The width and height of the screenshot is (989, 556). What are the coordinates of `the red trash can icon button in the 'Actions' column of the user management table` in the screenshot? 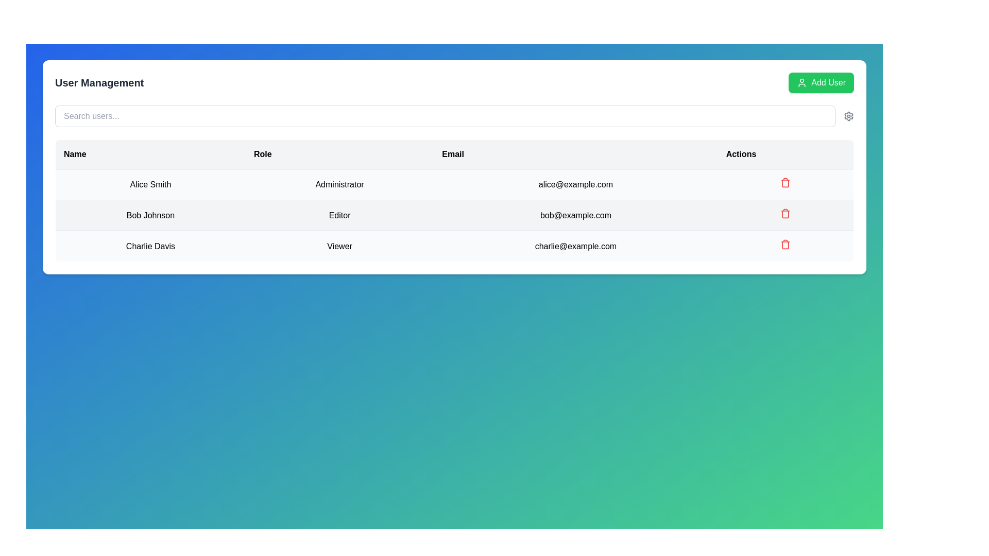 It's located at (785, 215).